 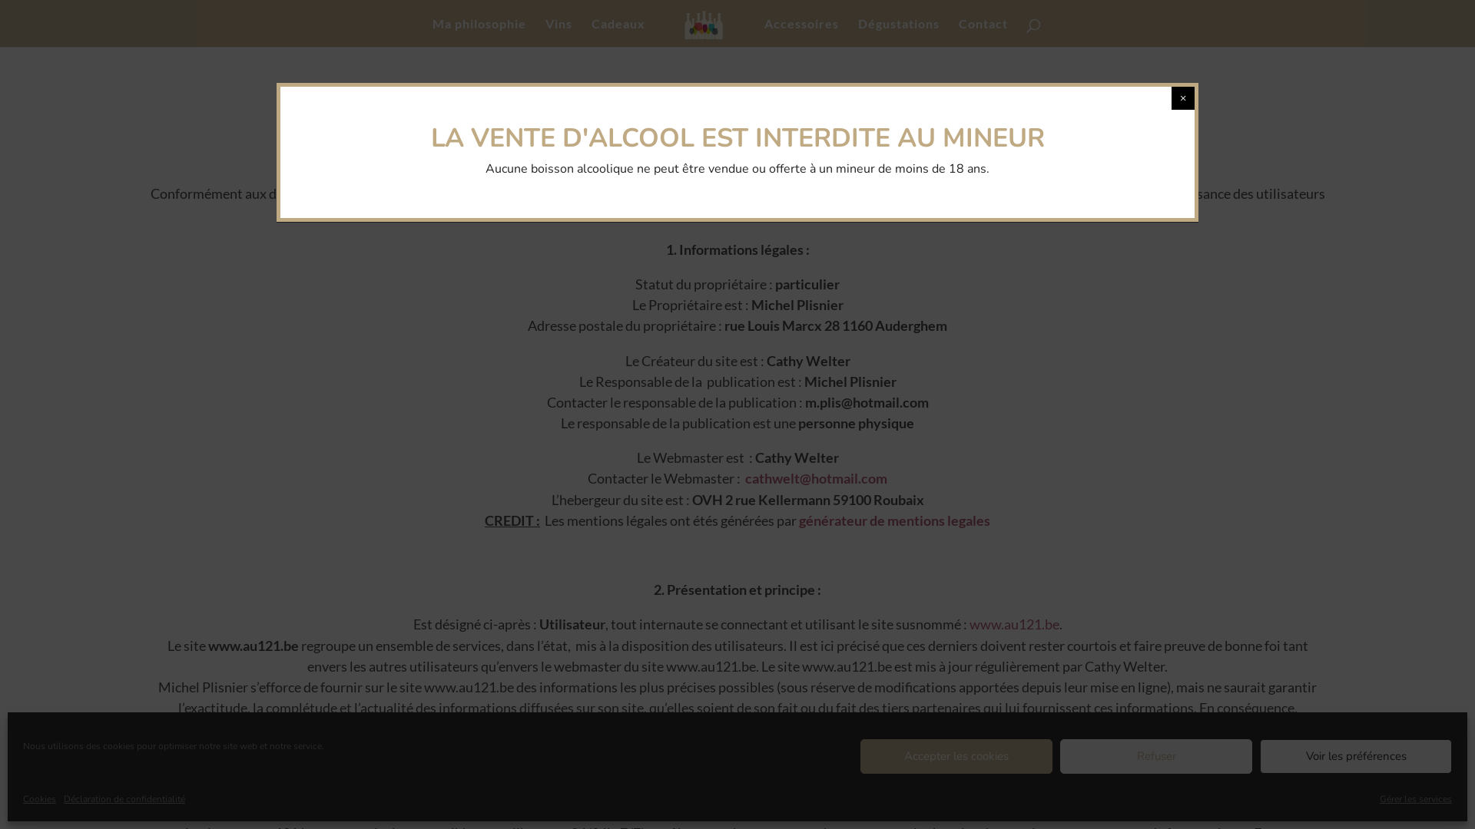 What do you see at coordinates (1156, 755) in the screenshot?
I see `'Refuser'` at bounding box center [1156, 755].